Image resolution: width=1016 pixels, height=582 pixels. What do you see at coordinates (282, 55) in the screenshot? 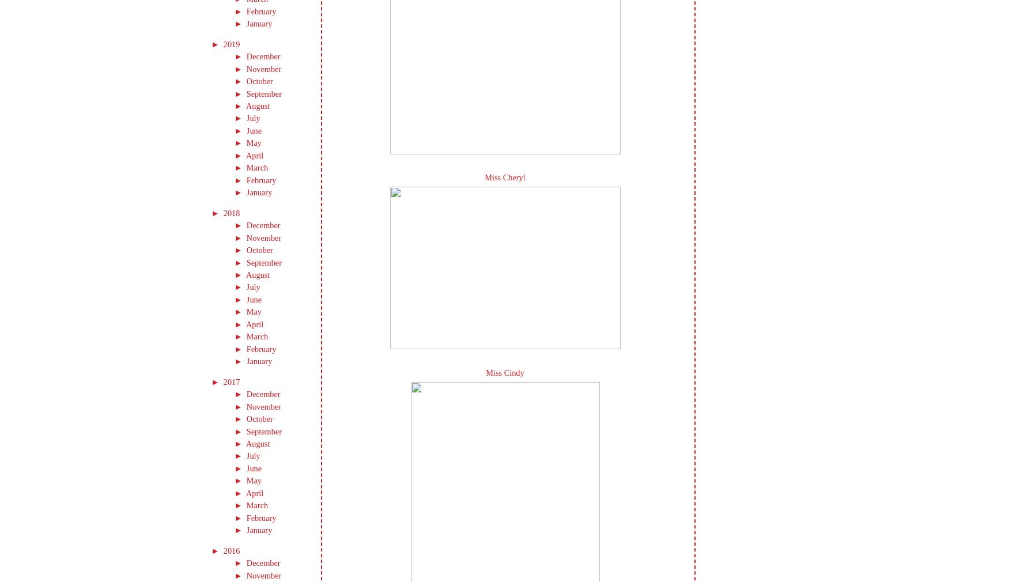
I see `'(12)'` at bounding box center [282, 55].